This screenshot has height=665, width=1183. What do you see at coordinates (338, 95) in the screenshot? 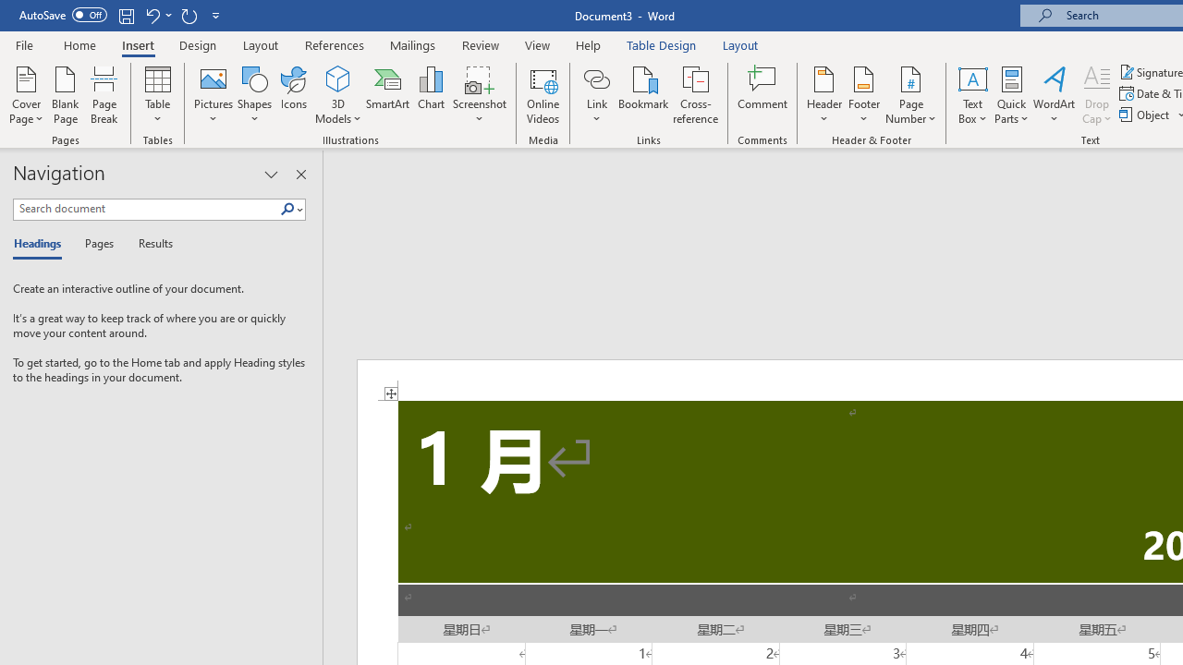
I see `'3D Models'` at bounding box center [338, 95].